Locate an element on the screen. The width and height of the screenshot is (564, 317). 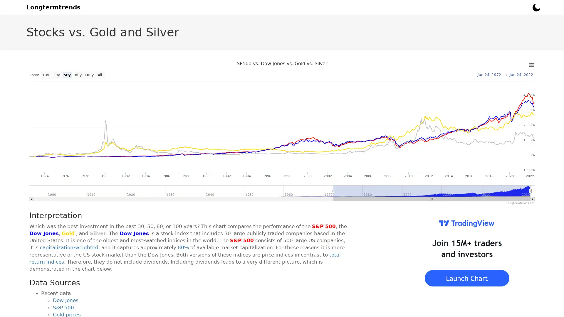
100y is located at coordinates (88, 74).